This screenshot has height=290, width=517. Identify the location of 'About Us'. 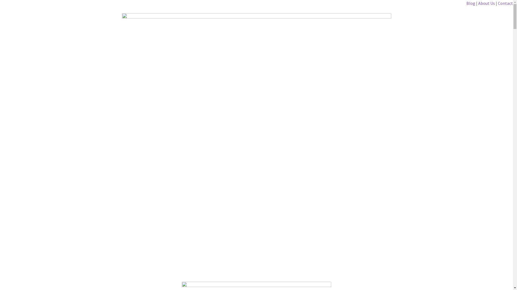
(486, 3).